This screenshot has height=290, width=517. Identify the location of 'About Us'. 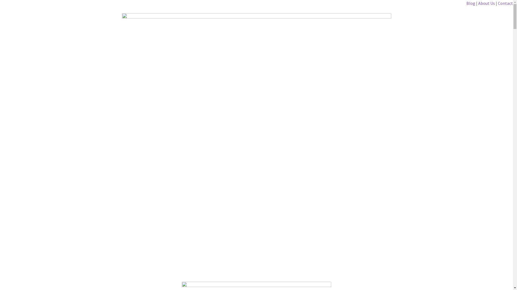
(486, 3).